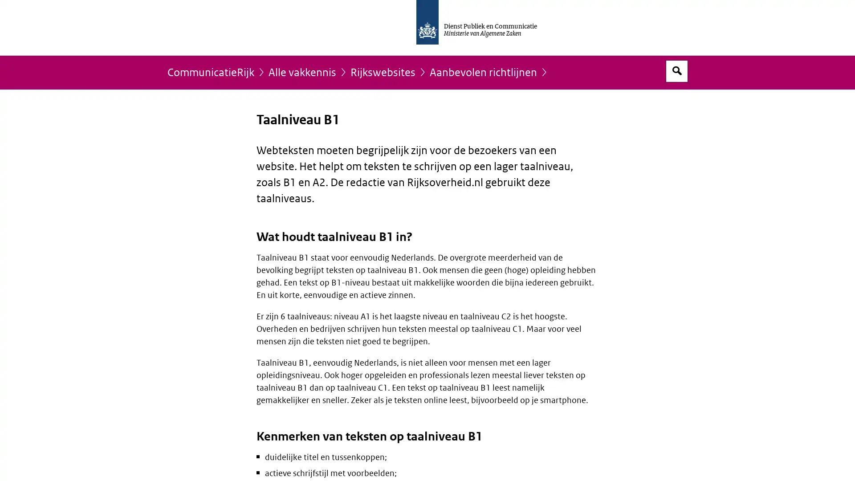  Describe the element at coordinates (677, 70) in the screenshot. I see `Open zoekveld` at that location.